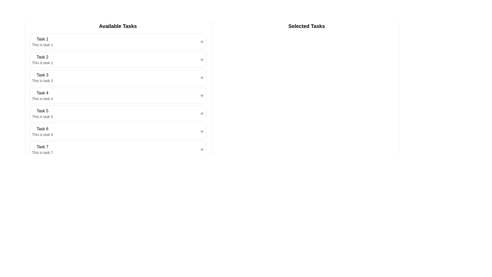 The width and height of the screenshot is (492, 277). Describe the element at coordinates (42, 113) in the screenshot. I see `the fifth task item in the 'Available Tasks' list` at that location.